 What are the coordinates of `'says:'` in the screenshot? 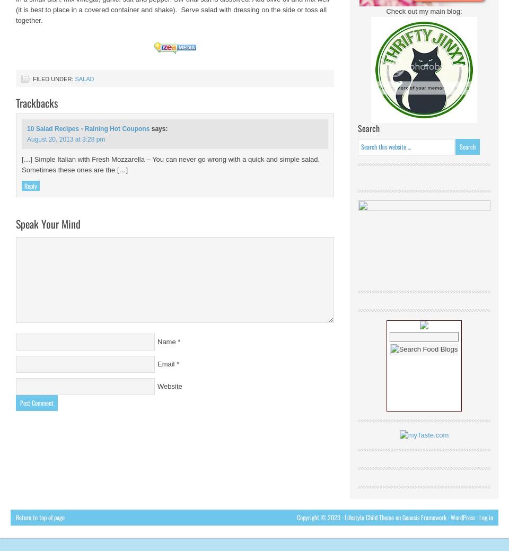 It's located at (159, 129).